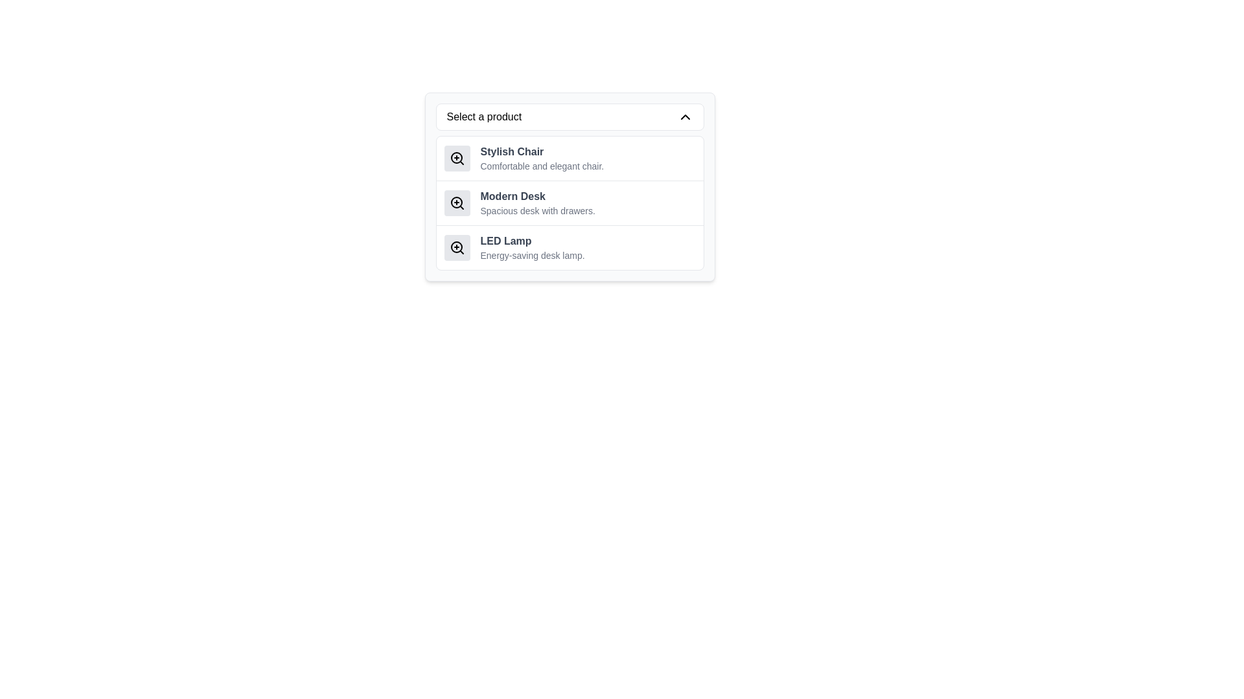  I want to click on the text element titled 'Stylish Chair' which includes a description underneath, located directly below the section header 'Select a product', so click(542, 158).